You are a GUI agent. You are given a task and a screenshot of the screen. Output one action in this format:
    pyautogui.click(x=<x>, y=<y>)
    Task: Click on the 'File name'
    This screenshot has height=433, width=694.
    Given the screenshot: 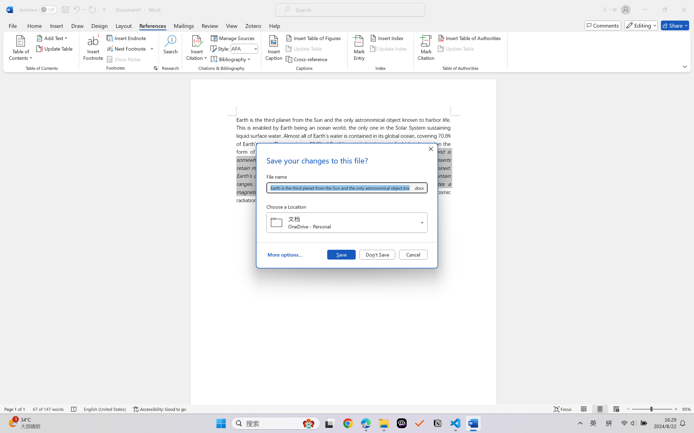 What is the action you would take?
    pyautogui.click(x=340, y=188)
    